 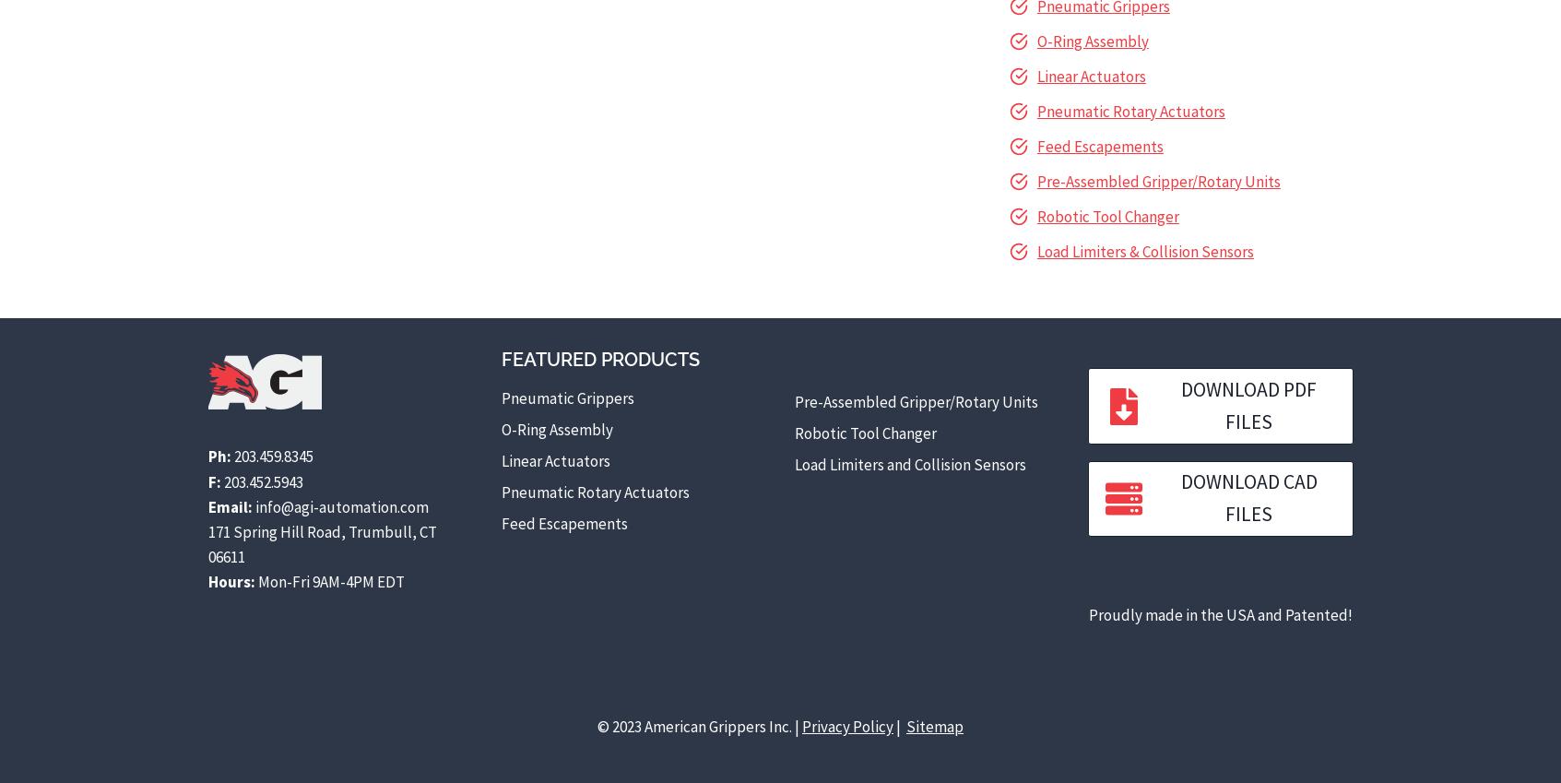 I want to click on 'Load Limiters & Collision Sensors', so click(x=1144, y=251).